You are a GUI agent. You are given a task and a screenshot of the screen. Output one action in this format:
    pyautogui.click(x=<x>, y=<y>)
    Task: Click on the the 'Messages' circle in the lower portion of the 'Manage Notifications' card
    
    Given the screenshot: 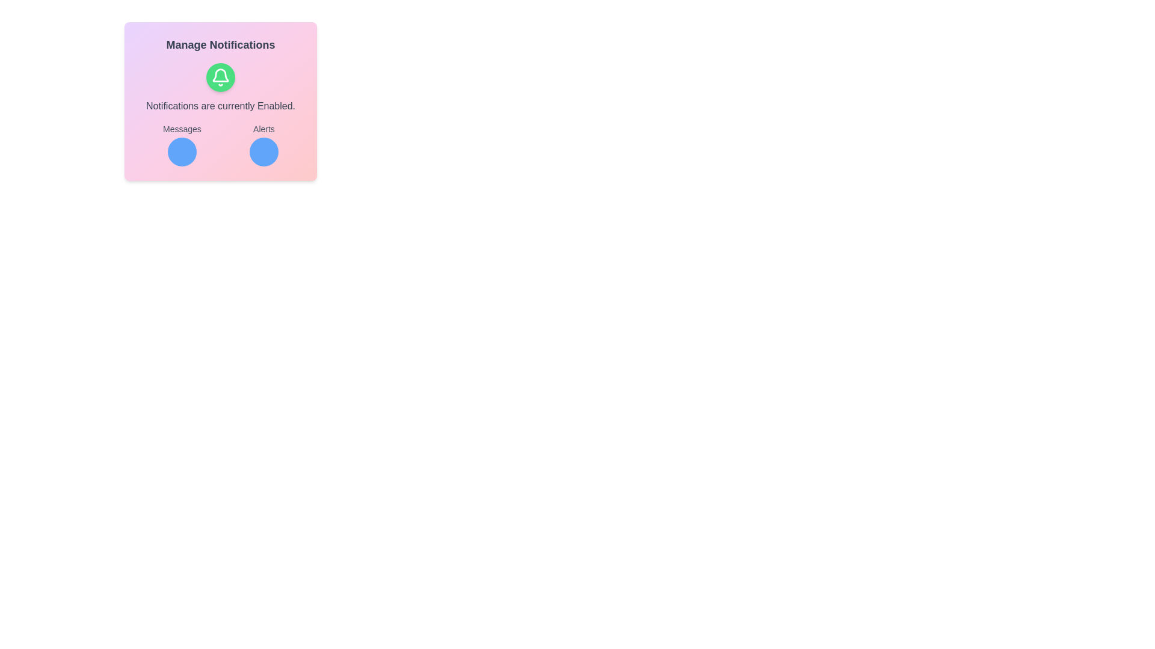 What is the action you would take?
    pyautogui.click(x=220, y=144)
    